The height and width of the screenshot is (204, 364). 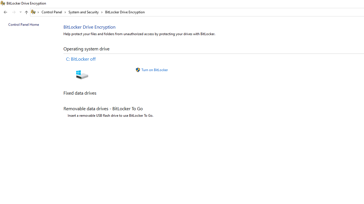 I want to click on 'Control Panel', so click(x=54, y=12).